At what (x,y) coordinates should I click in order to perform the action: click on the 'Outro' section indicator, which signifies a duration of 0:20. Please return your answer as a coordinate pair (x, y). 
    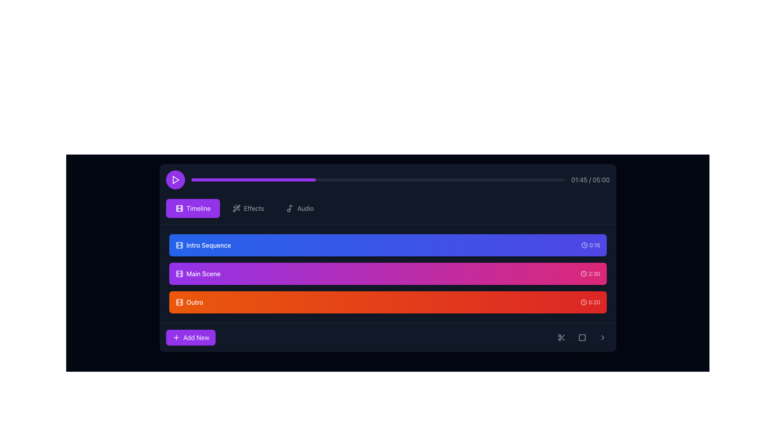
    Looking at the image, I should click on (388, 302).